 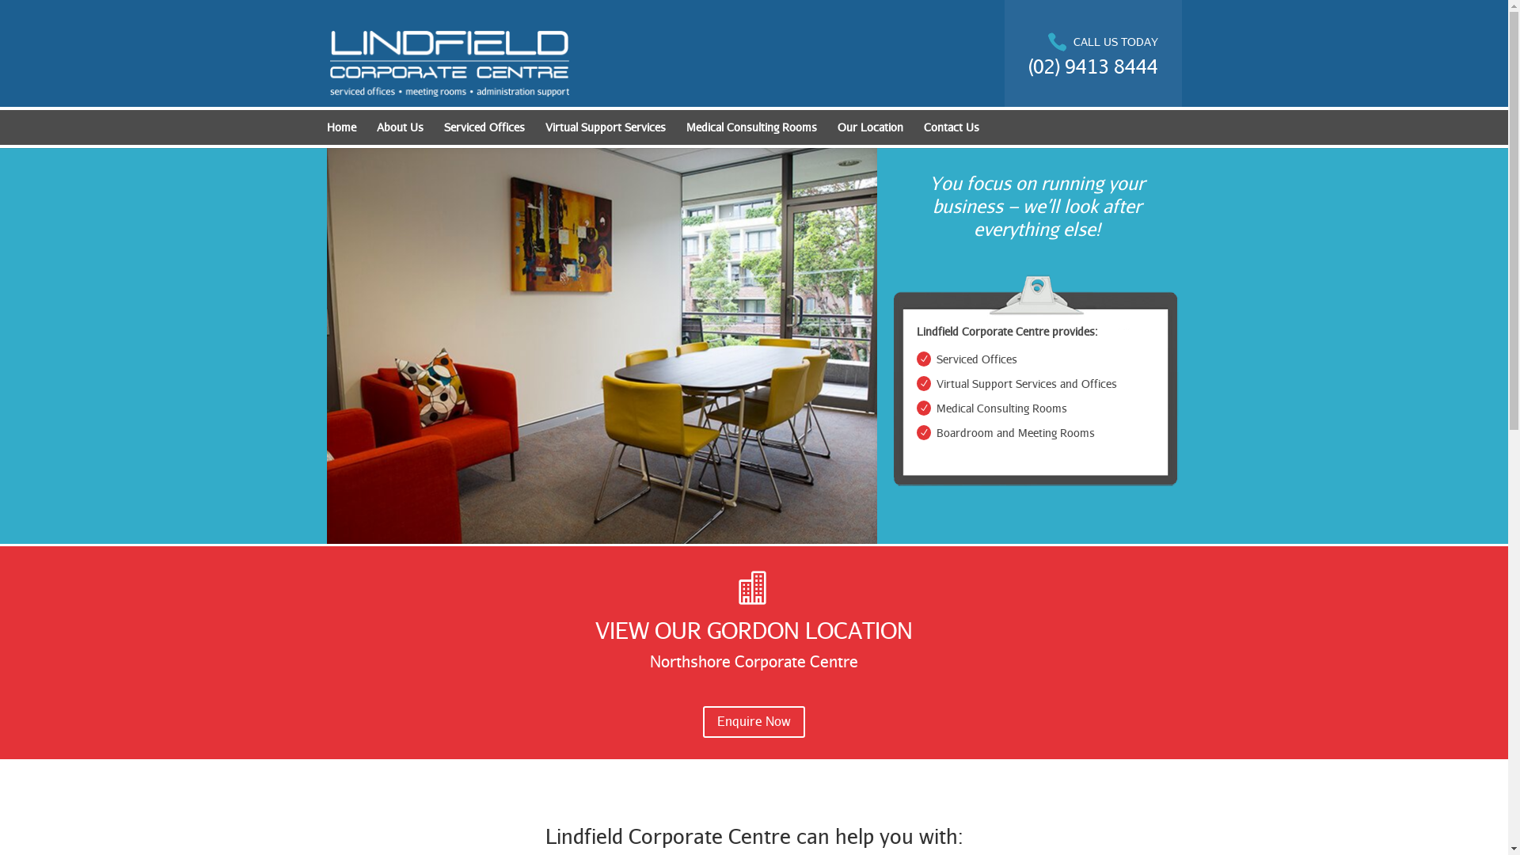 What do you see at coordinates (950, 130) in the screenshot?
I see `'Contact Us'` at bounding box center [950, 130].